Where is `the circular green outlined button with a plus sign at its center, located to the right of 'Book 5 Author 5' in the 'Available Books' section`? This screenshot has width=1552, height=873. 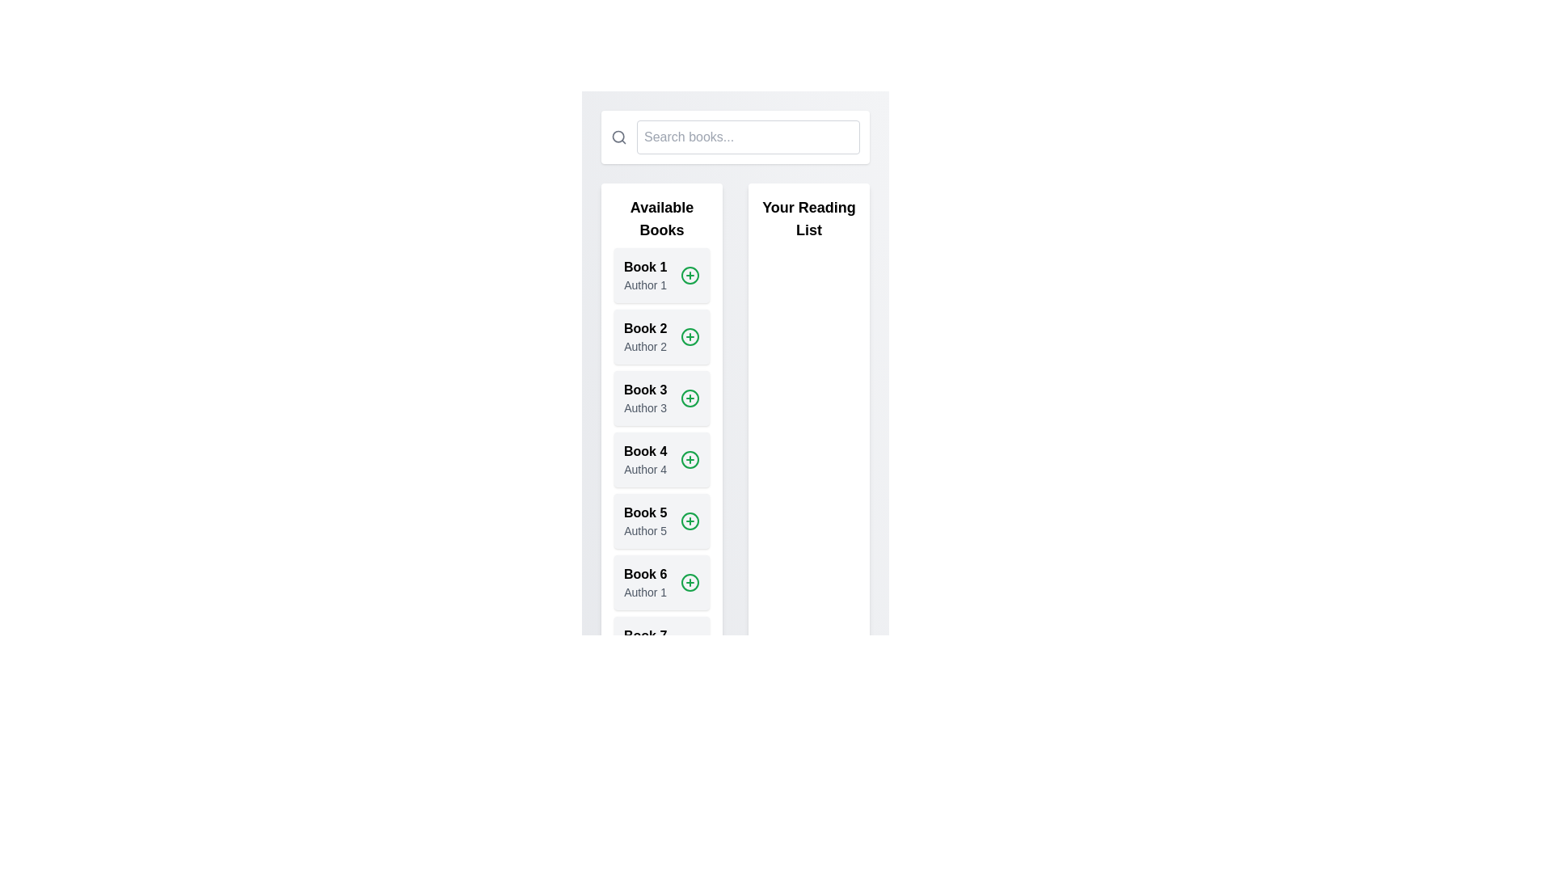
the circular green outlined button with a plus sign at its center, located to the right of 'Book 5 Author 5' in the 'Available Books' section is located at coordinates (690, 521).